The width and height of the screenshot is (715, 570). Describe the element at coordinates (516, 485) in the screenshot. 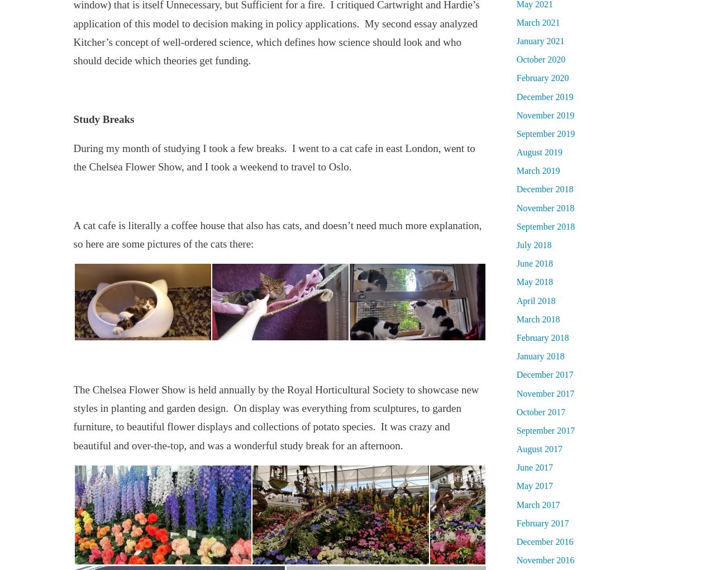

I see `'May 2017'` at that location.